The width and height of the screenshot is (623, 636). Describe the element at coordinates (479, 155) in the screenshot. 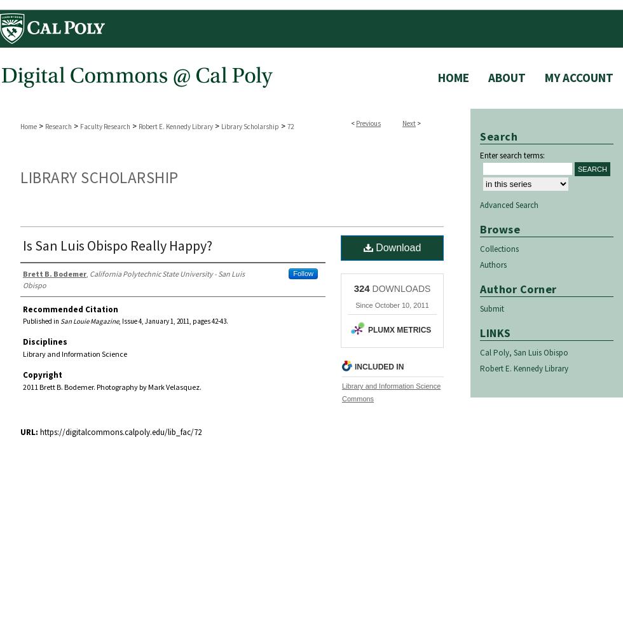

I see `'Enter search terms:'` at that location.